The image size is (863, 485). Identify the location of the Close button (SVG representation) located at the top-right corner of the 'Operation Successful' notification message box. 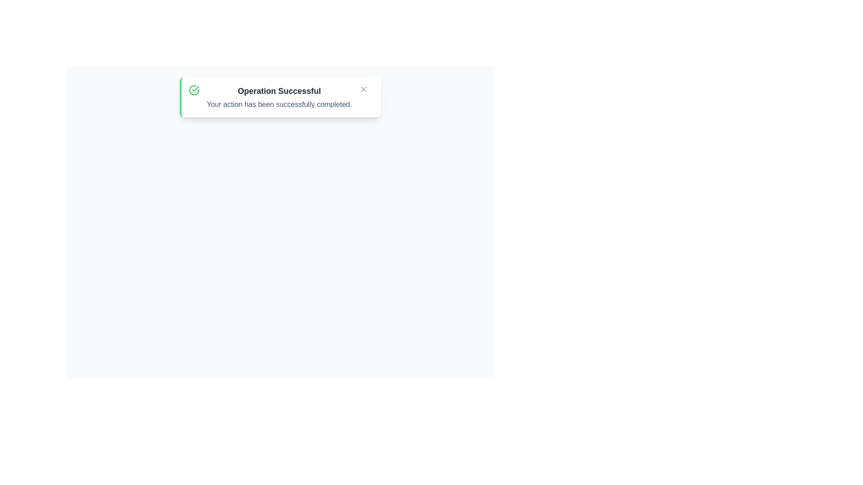
(364, 89).